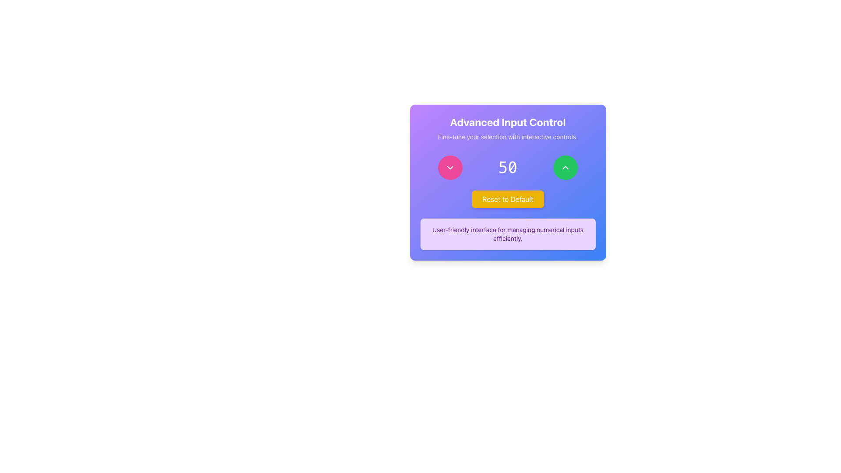  Describe the element at coordinates (450, 167) in the screenshot. I see `the button located to the left of the numeric display value '50' to decrement the value` at that location.